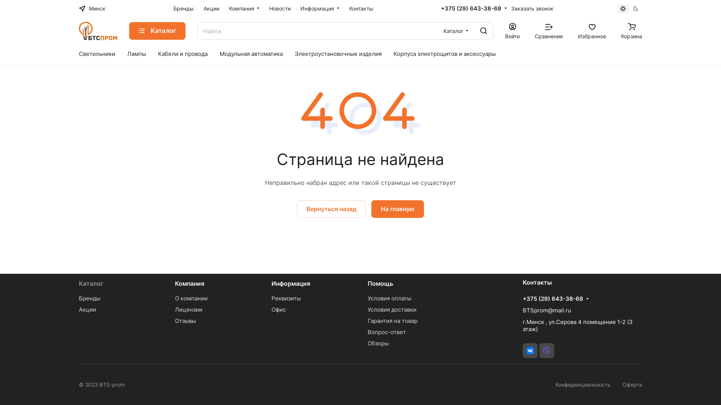 This screenshot has height=405, width=721. I want to click on 'BTSprom@mail.ru', so click(547, 310).